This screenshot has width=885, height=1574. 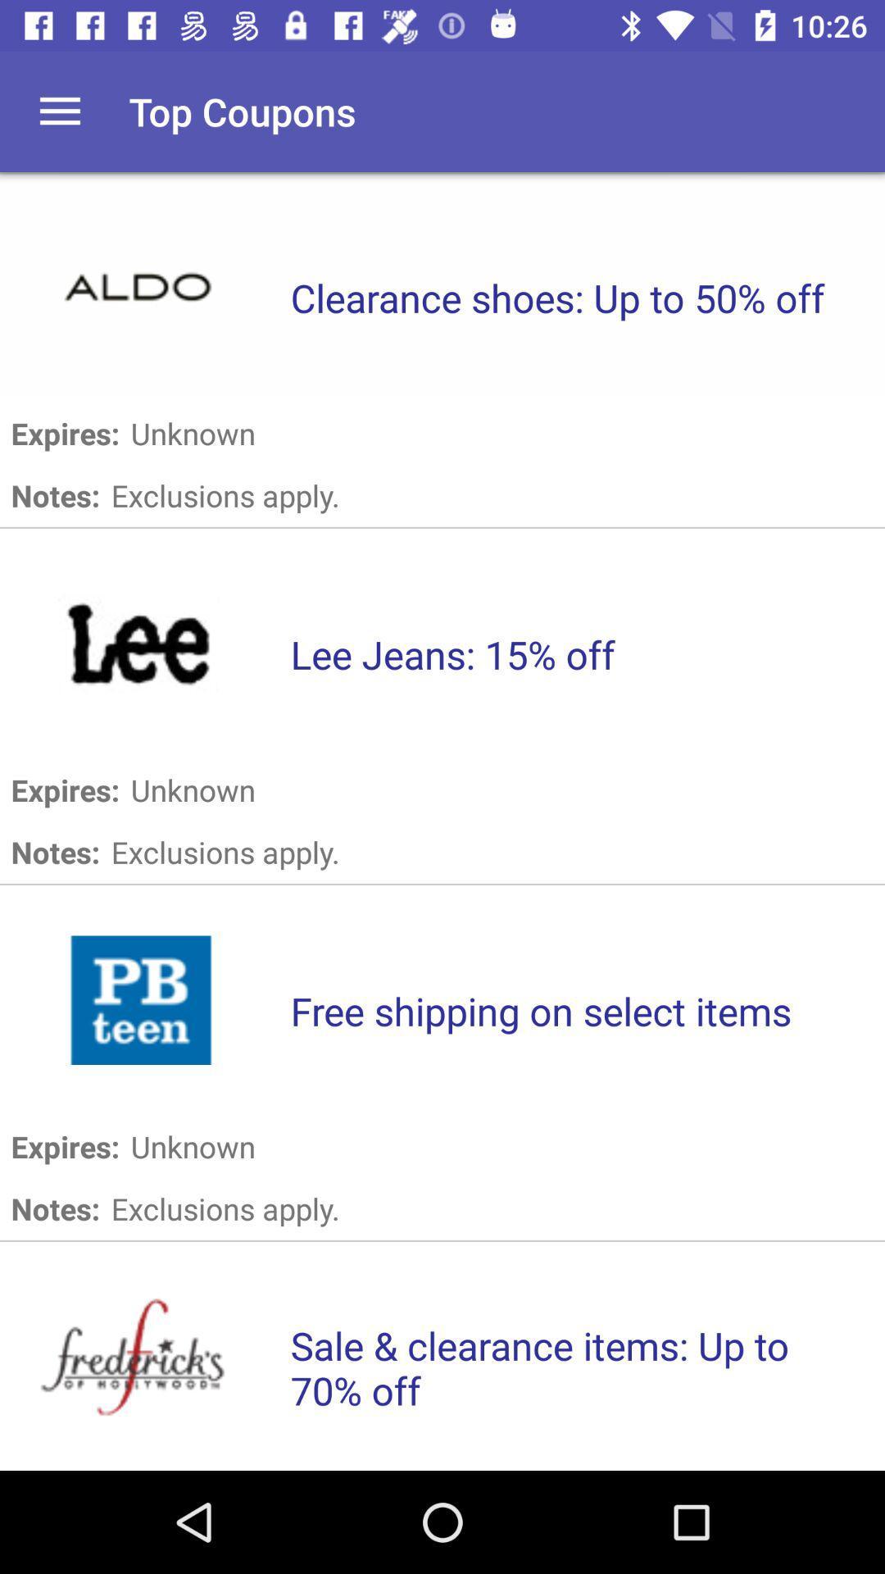 I want to click on the icon to the left of top coupons item, so click(x=59, y=111).